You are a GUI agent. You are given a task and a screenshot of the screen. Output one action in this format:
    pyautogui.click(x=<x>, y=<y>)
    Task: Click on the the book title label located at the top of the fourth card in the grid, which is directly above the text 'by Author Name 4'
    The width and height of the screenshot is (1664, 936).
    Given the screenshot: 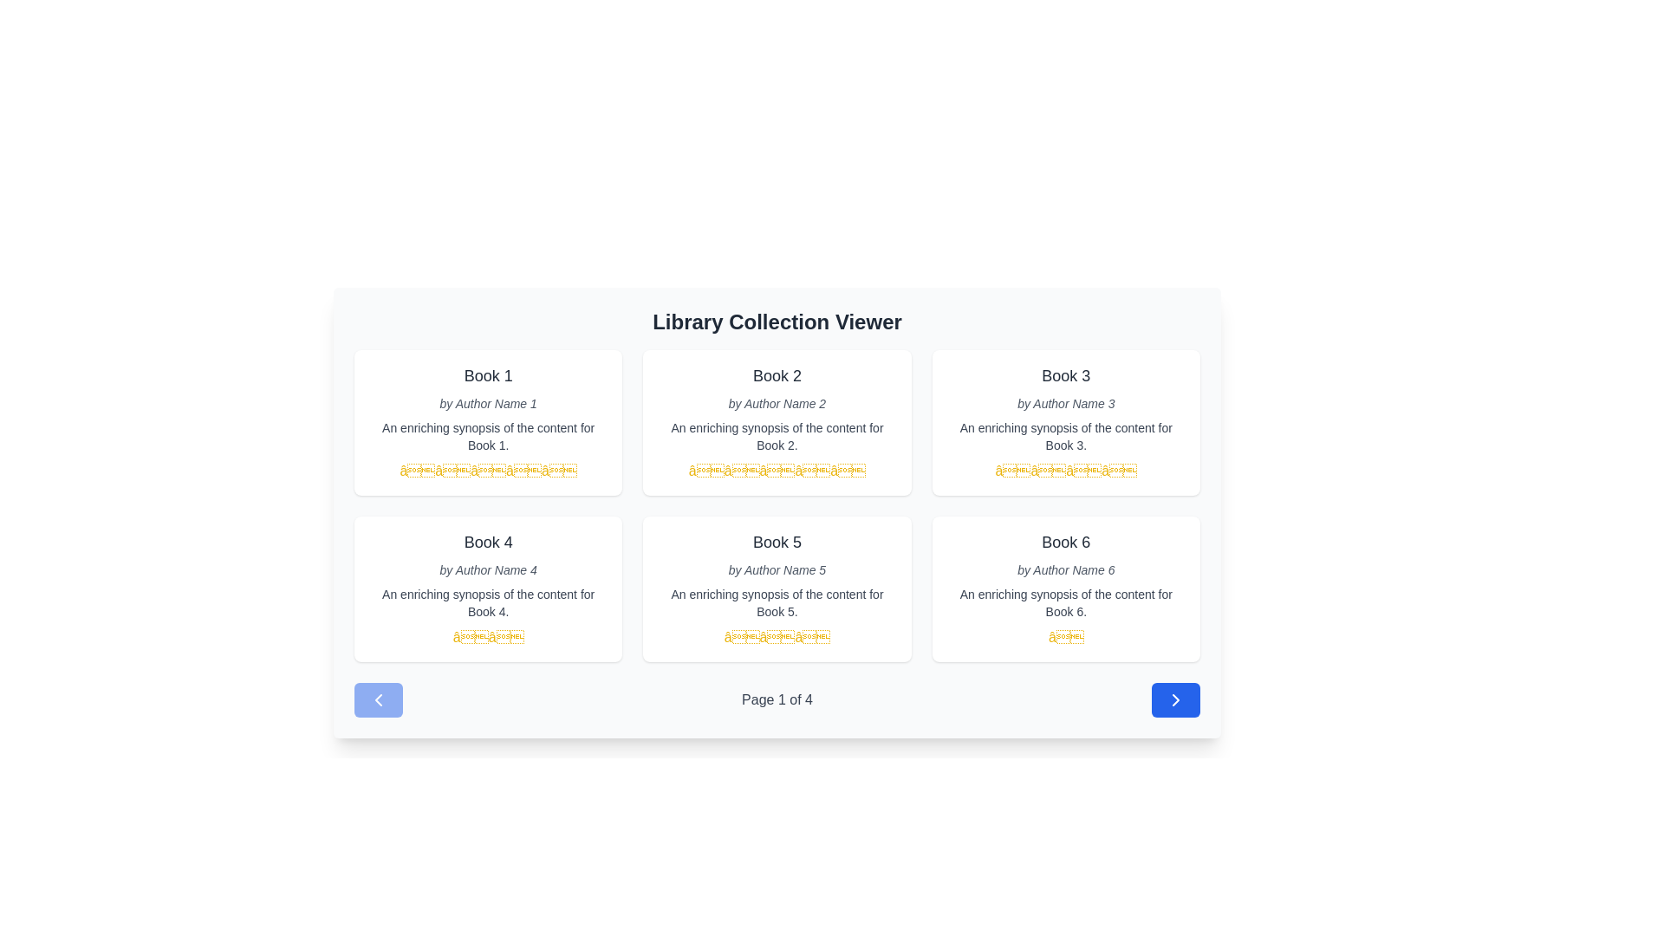 What is the action you would take?
    pyautogui.click(x=487, y=541)
    